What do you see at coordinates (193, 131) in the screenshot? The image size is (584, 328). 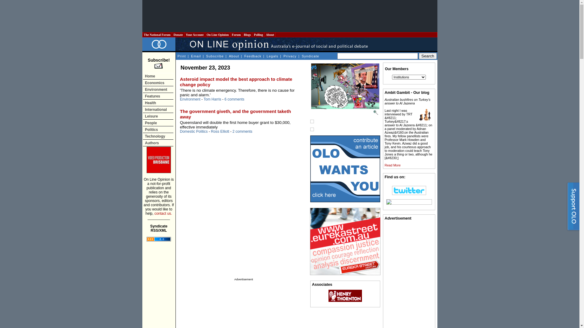 I see `'Domestic Politics'` at bounding box center [193, 131].